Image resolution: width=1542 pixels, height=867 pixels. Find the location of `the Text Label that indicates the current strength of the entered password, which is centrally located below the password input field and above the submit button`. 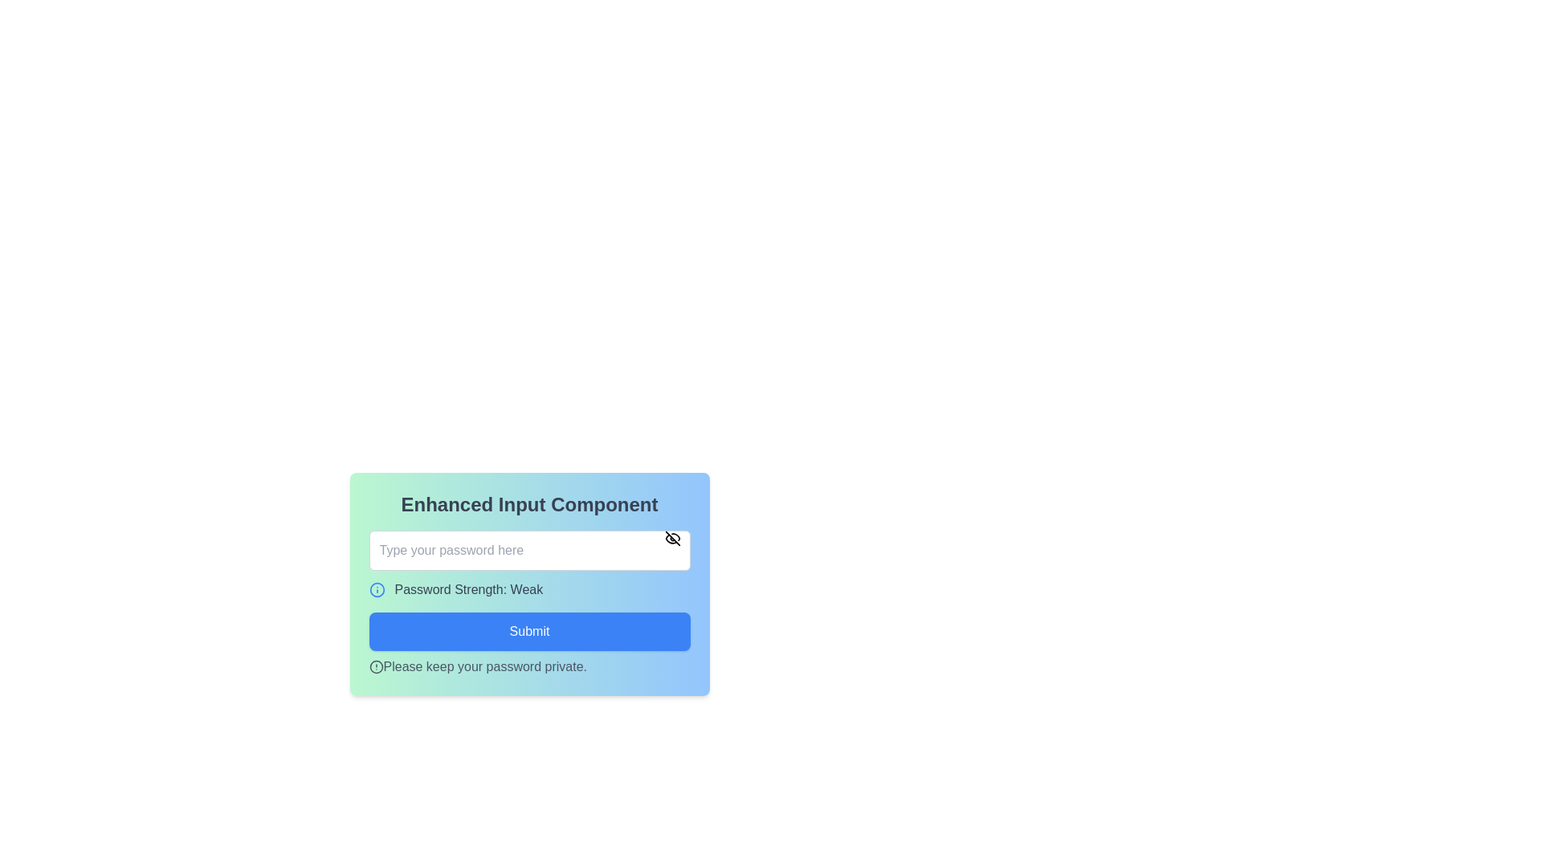

the Text Label that indicates the current strength of the entered password, which is centrally located below the password input field and above the submit button is located at coordinates (467, 590).